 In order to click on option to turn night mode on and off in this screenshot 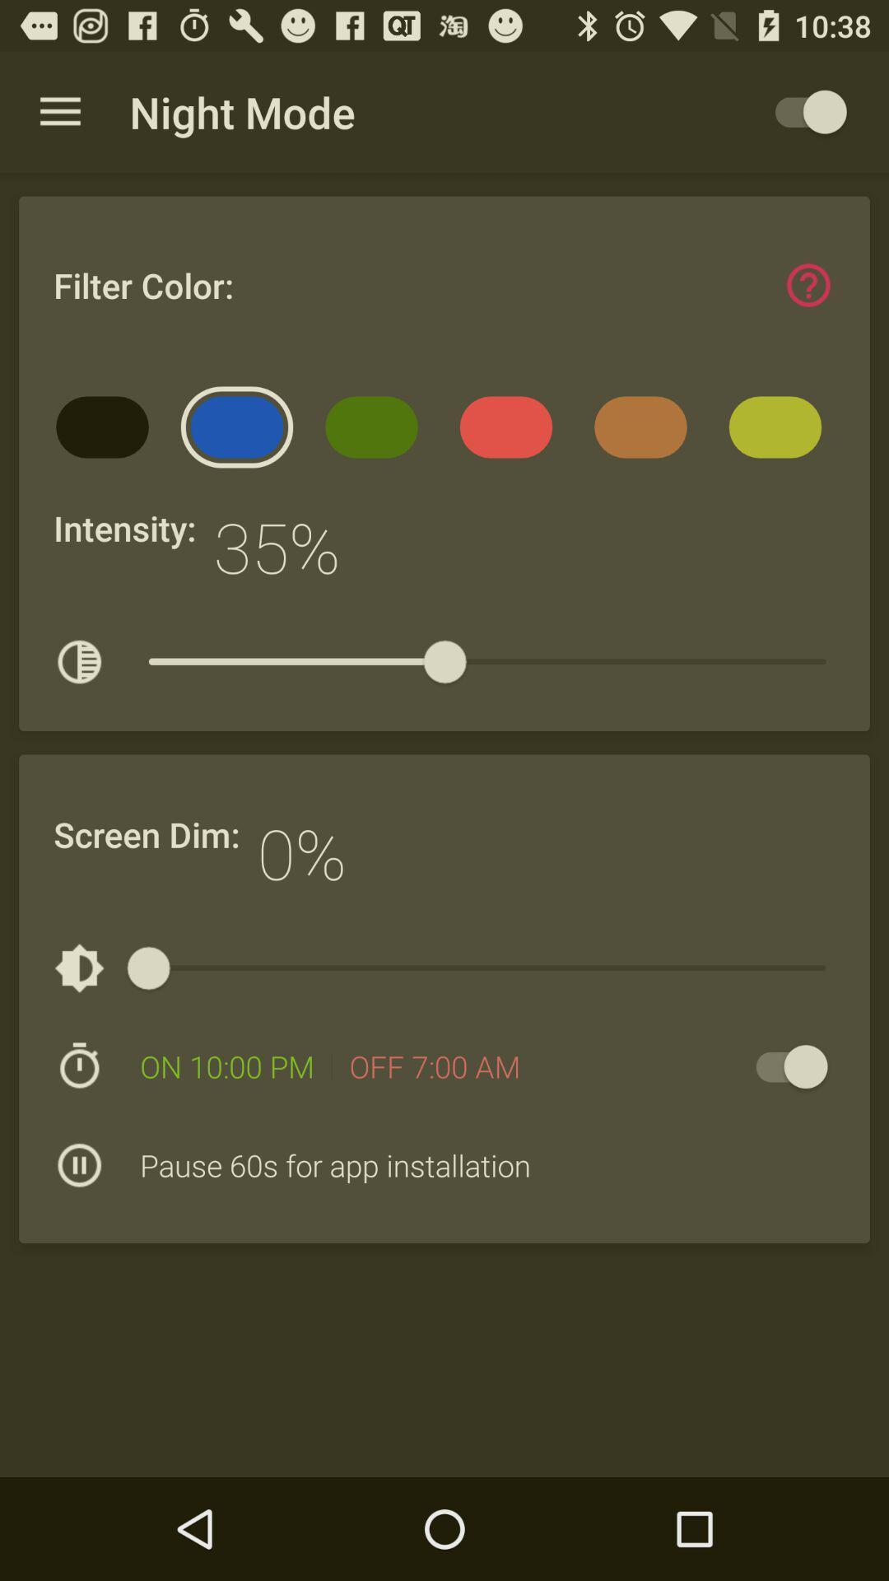, I will do `click(783, 1066)`.